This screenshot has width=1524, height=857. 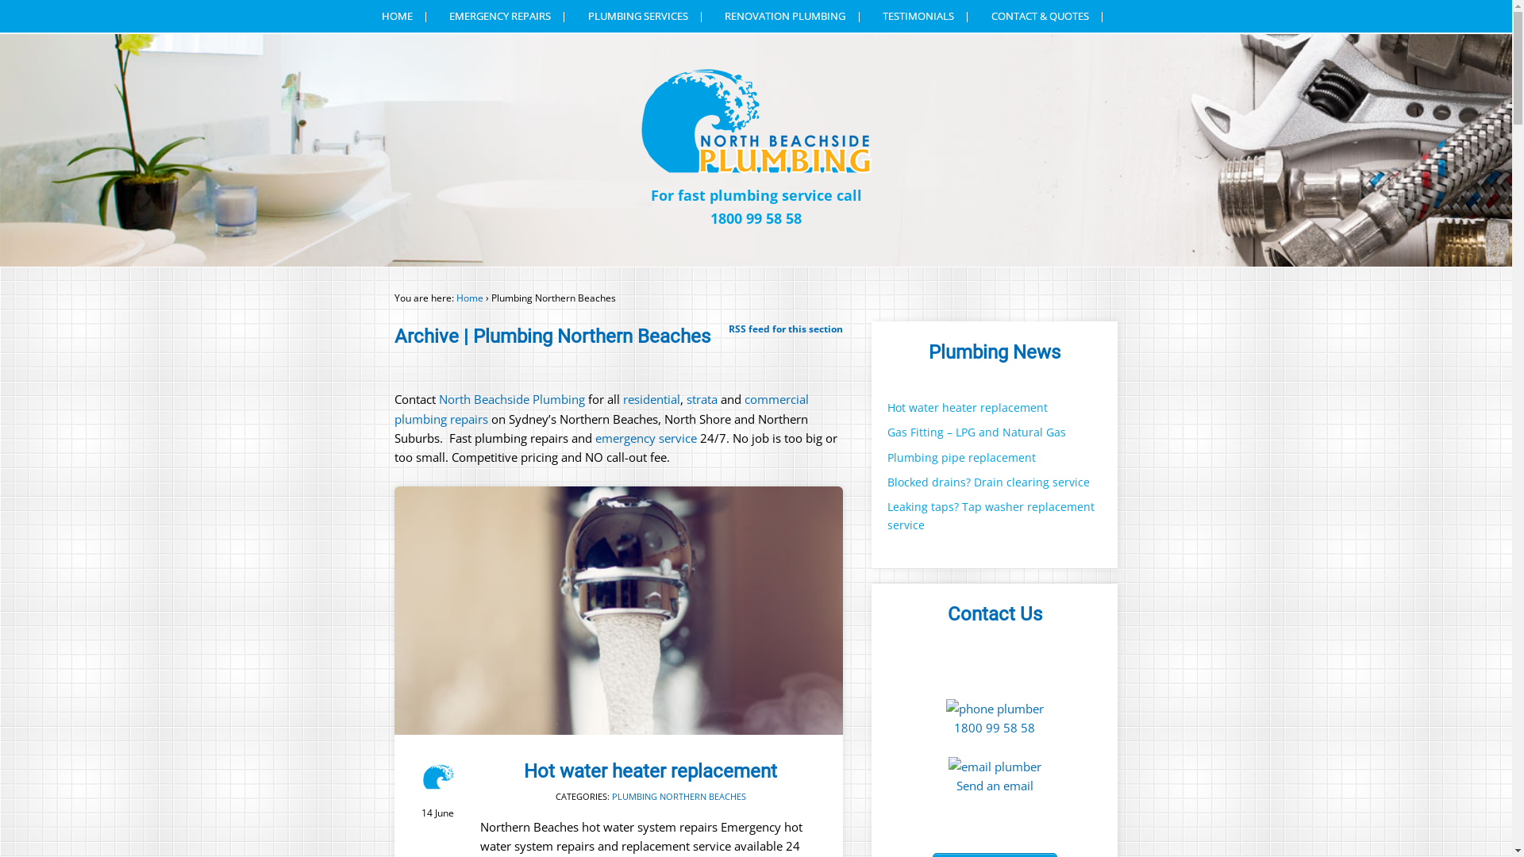 I want to click on 'RSS feed for this section', so click(x=785, y=328).